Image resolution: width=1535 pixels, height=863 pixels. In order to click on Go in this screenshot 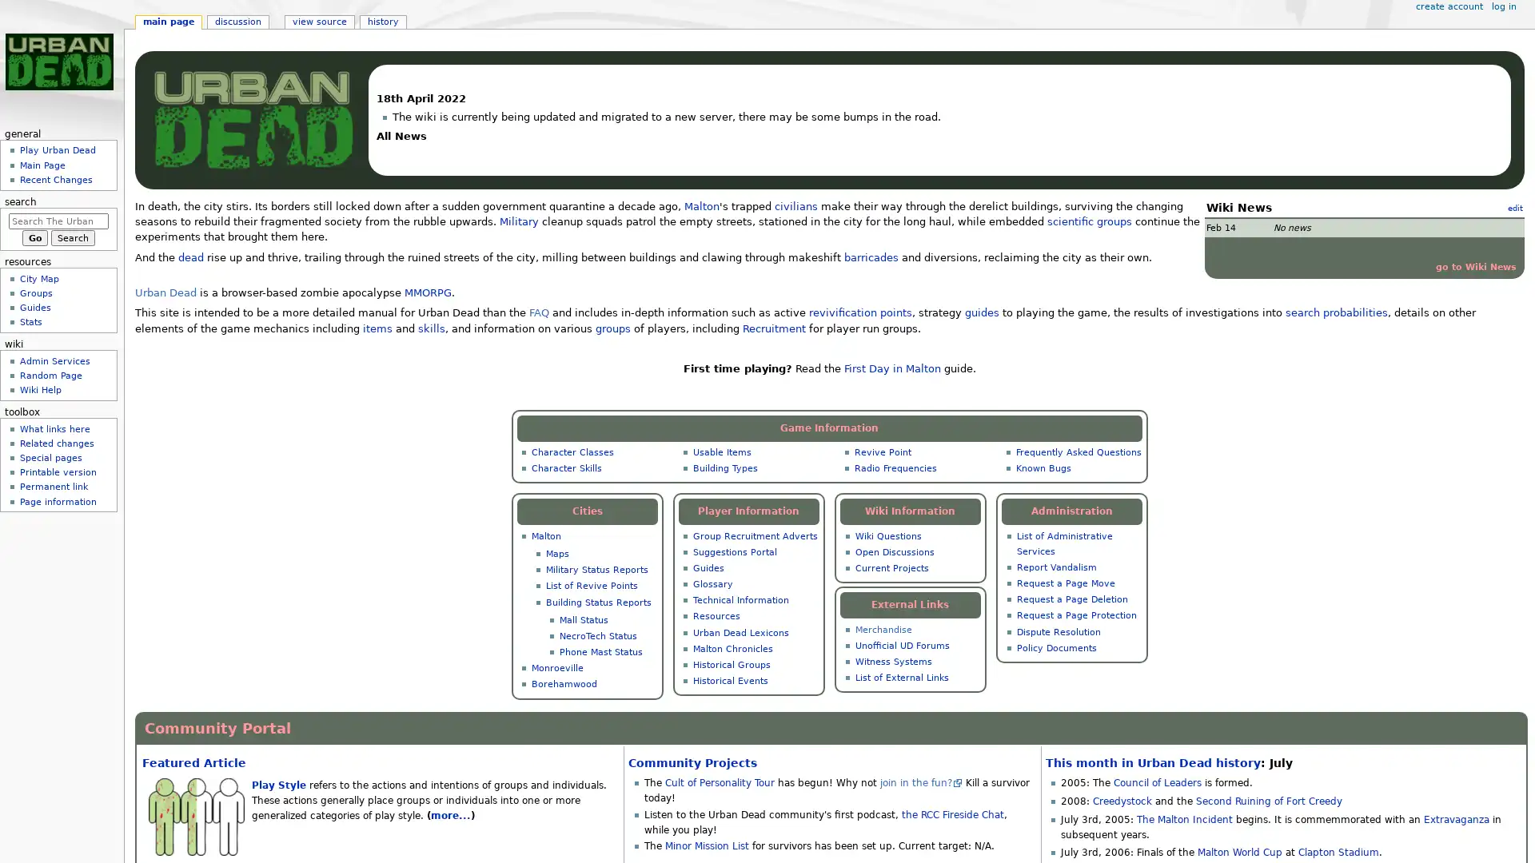, I will do `click(34, 237)`.